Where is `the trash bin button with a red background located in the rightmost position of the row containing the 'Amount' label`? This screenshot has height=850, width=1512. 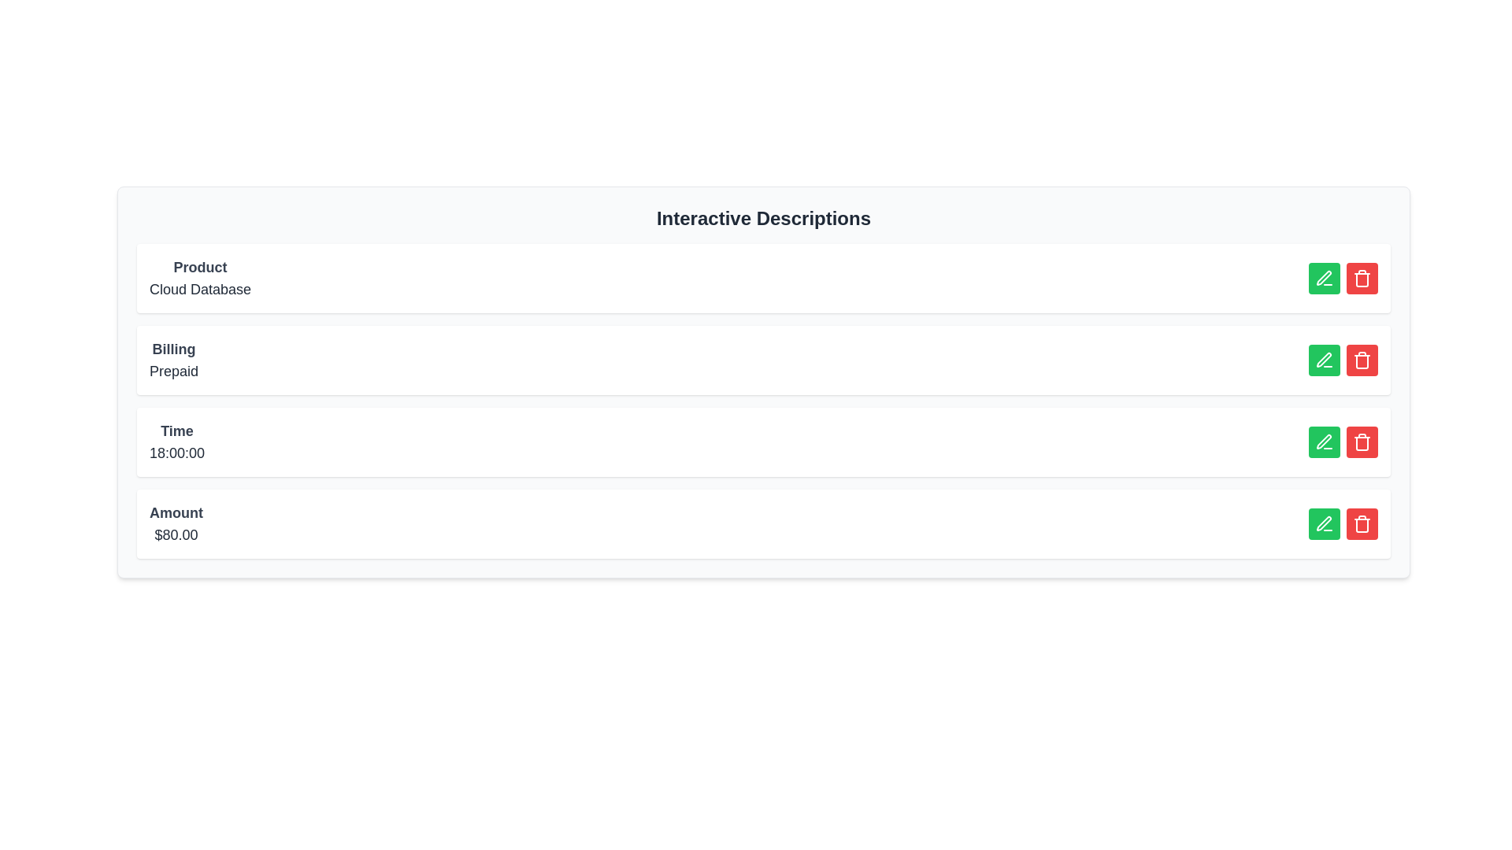 the trash bin button with a red background located in the rightmost position of the row containing the 'Amount' label is located at coordinates (1361, 278).